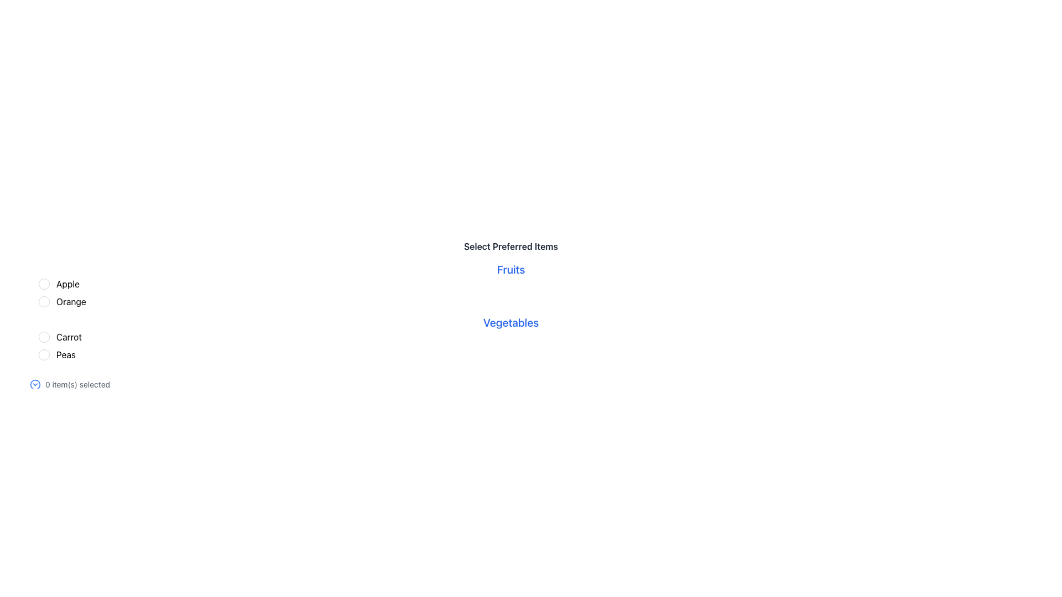  Describe the element at coordinates (44, 302) in the screenshot. I see `the radio button for 'Orange'` at that location.